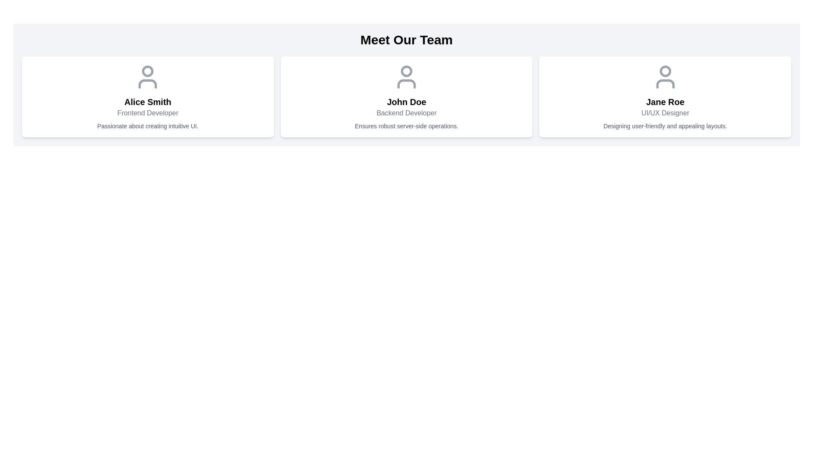 The height and width of the screenshot is (465, 827). Describe the element at coordinates (406, 112) in the screenshot. I see `the static text label describing the role or title of the individual in the card under 'Meet Our Team', positioned below 'John Doe' and above 'Ensures robust server-side operations'` at that location.